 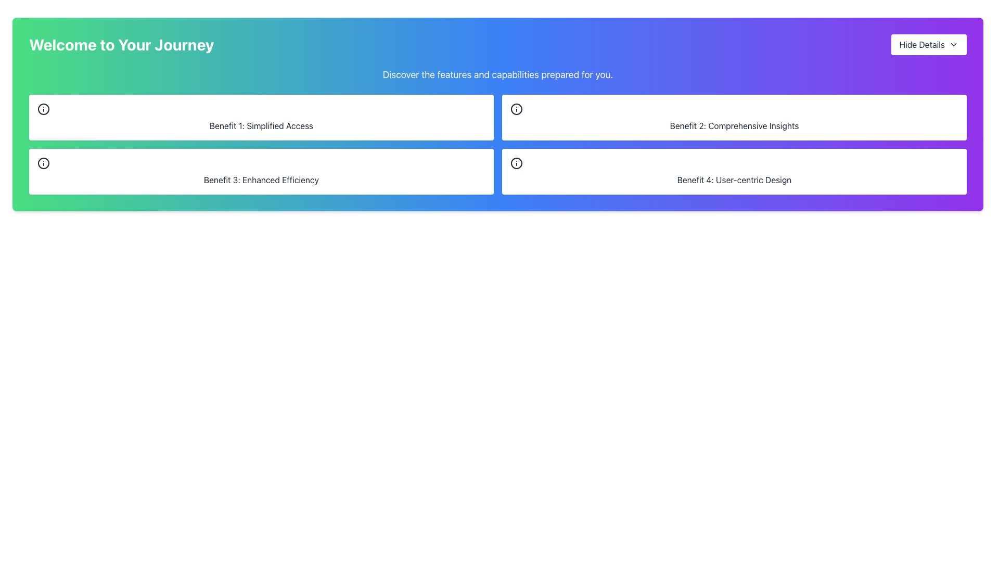 I want to click on introductory message text located at the top-center of the interface within the gradient header area, above the benefits list, so click(x=497, y=74).